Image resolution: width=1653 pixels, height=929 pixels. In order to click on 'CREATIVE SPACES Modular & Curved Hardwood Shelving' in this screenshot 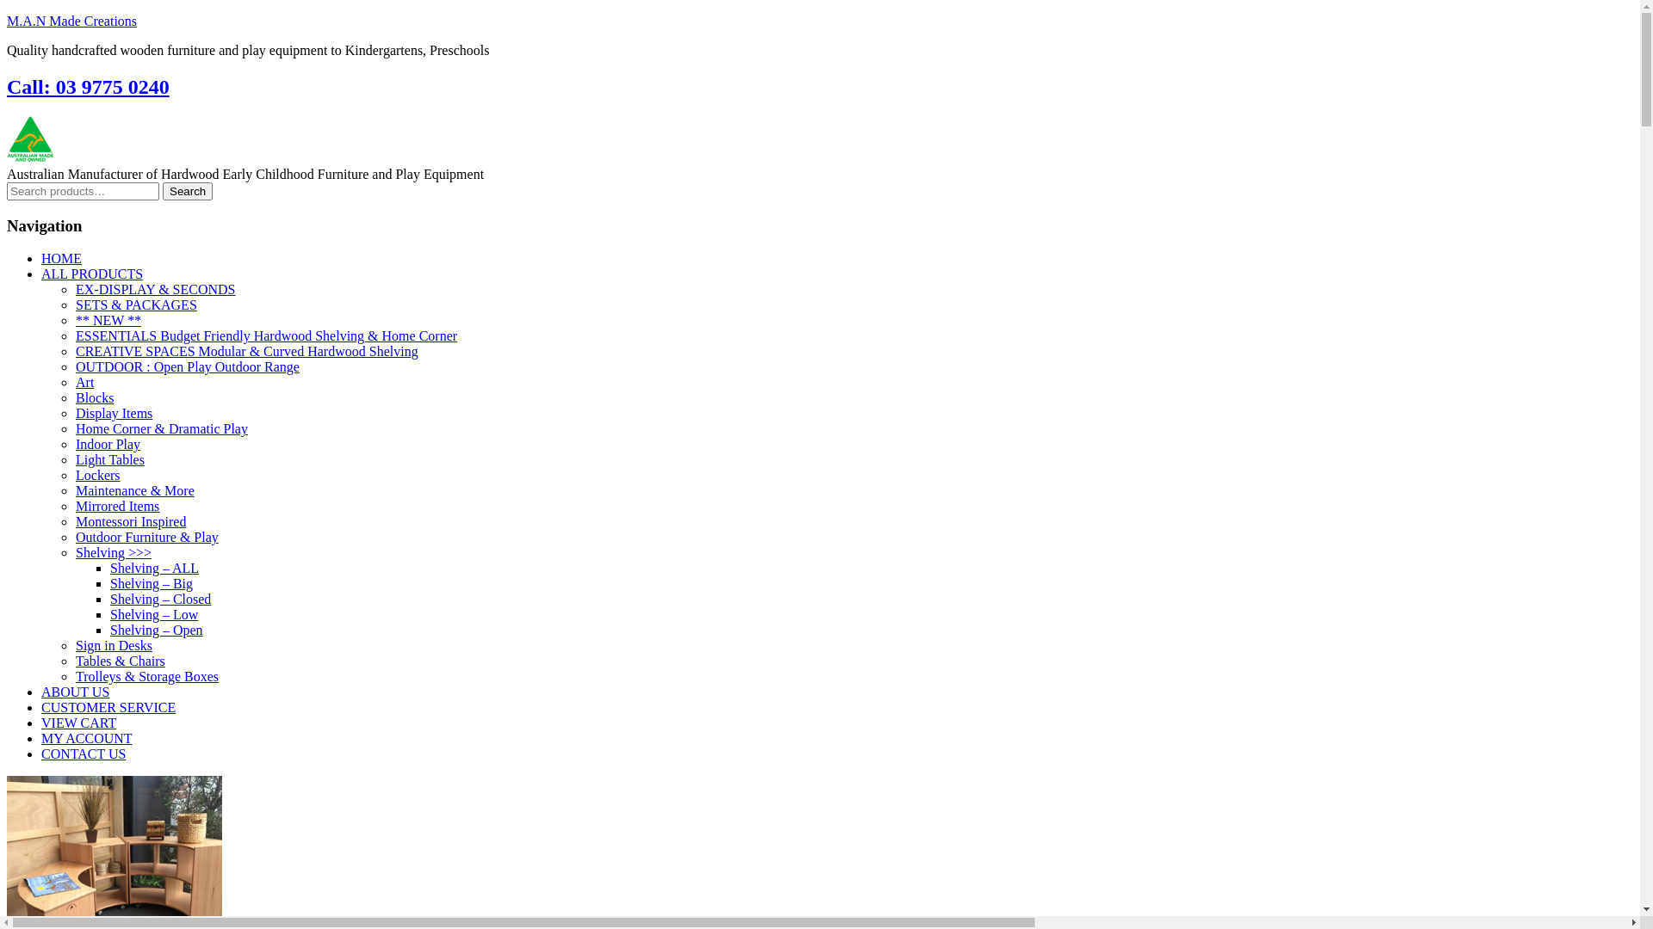, I will do `click(246, 350)`.